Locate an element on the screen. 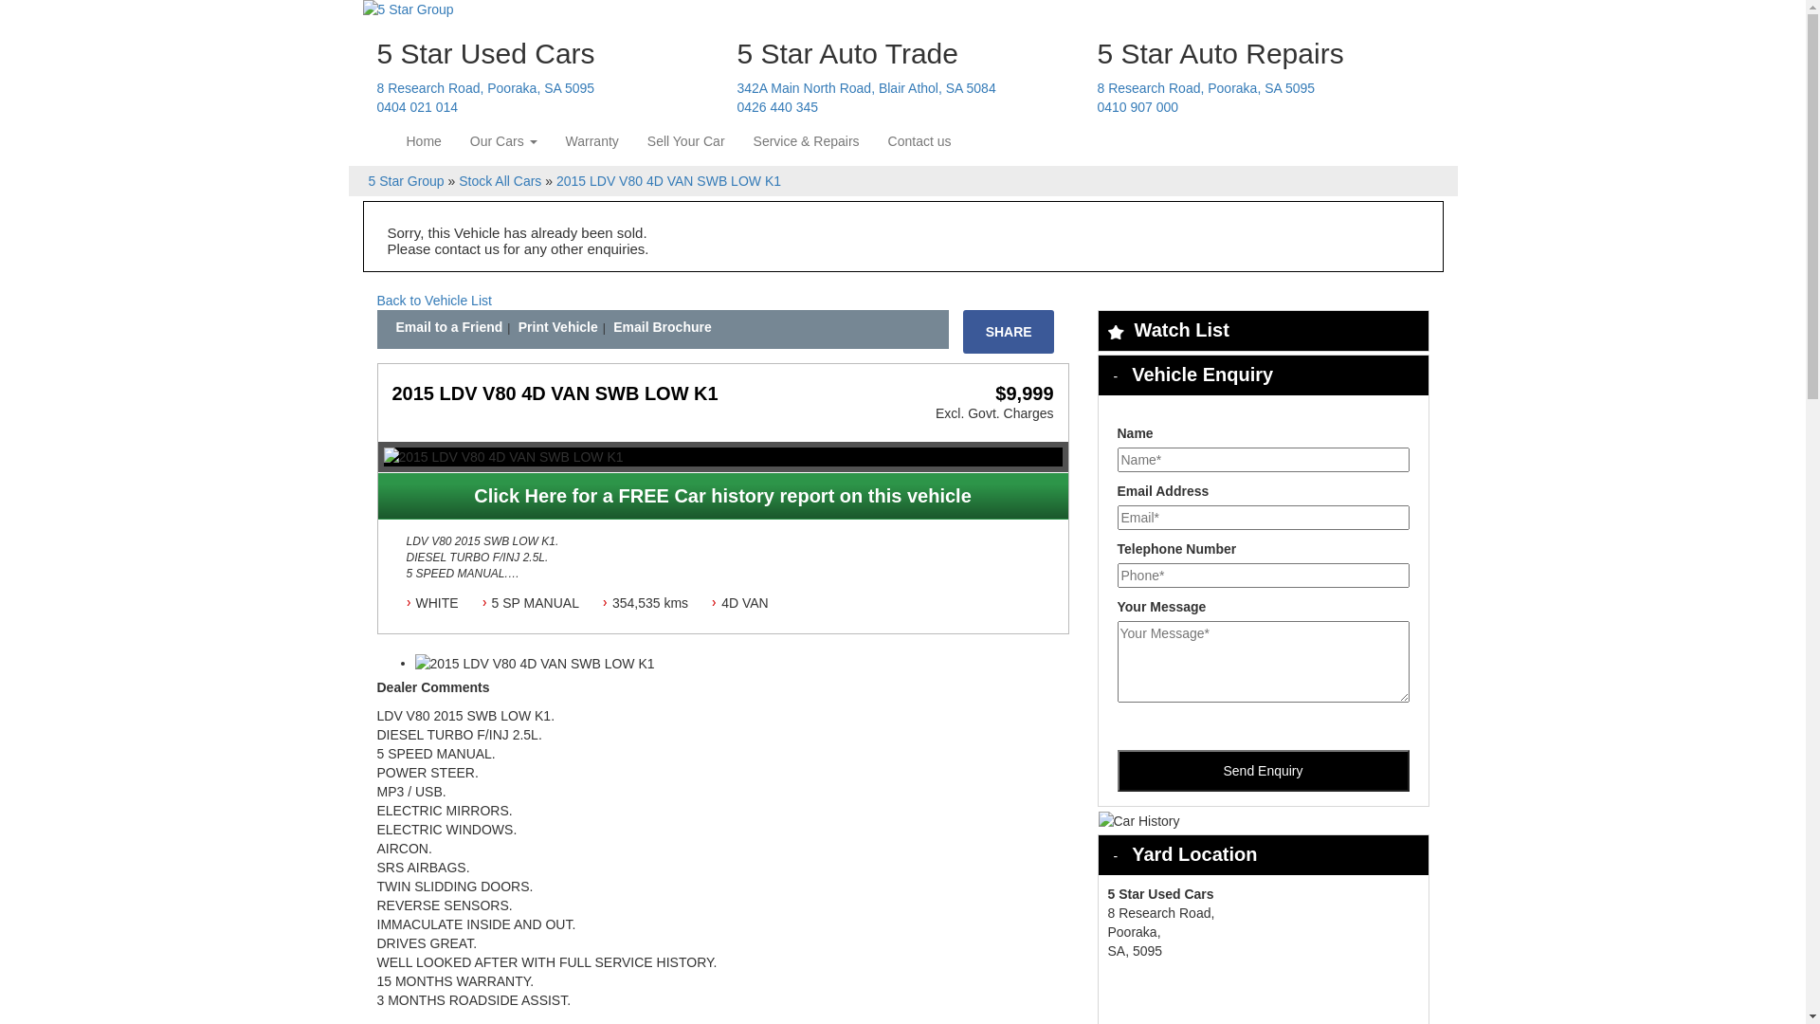 The width and height of the screenshot is (1820, 1024). 'Contact us' is located at coordinates (919, 140).